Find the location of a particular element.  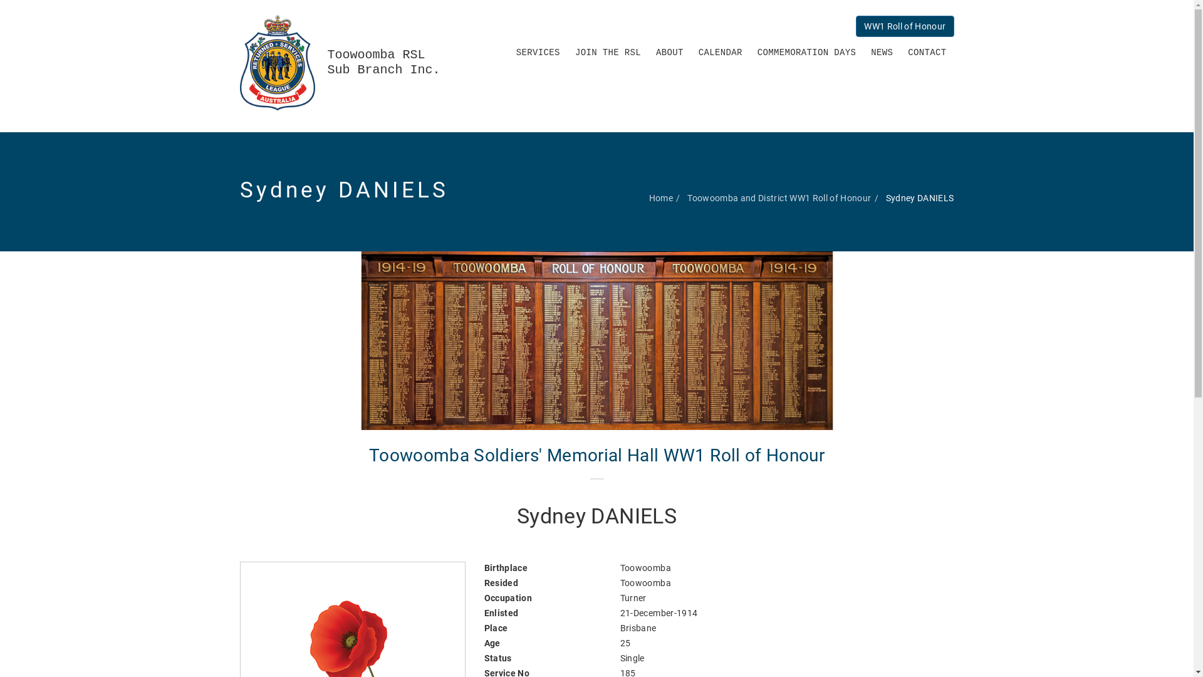

'CALENDAR' is located at coordinates (721, 50).